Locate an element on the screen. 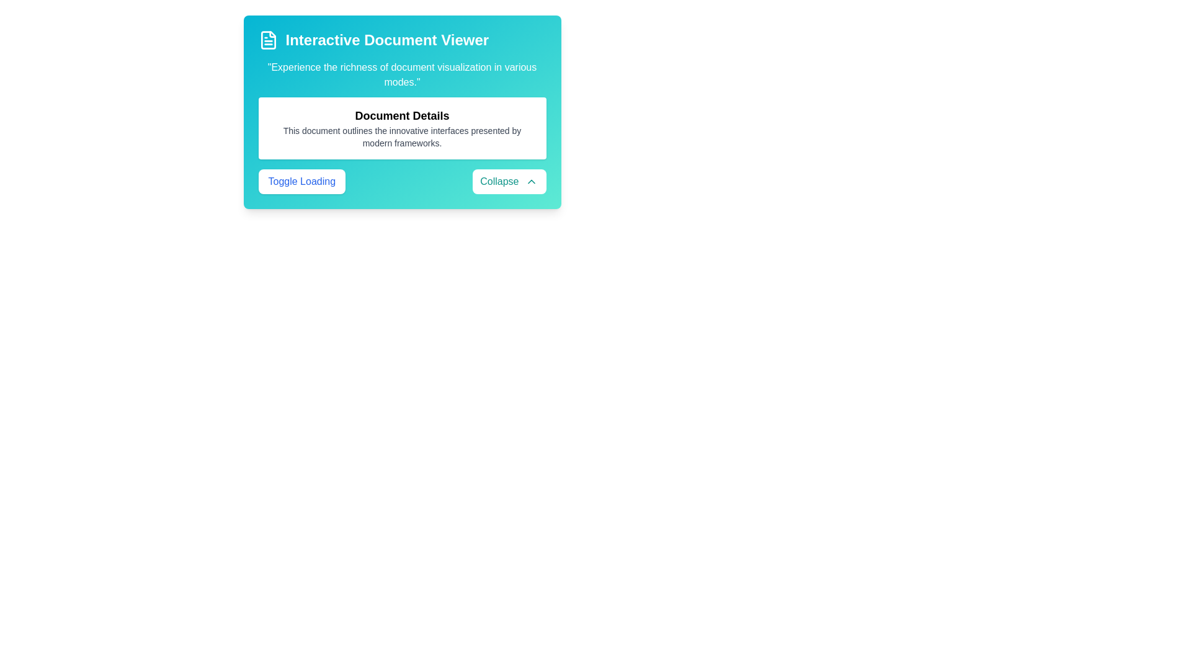 The width and height of the screenshot is (1191, 670). the 'Interactive Document Viewer' text label located at the top of the interactive card layout is located at coordinates (386, 40).